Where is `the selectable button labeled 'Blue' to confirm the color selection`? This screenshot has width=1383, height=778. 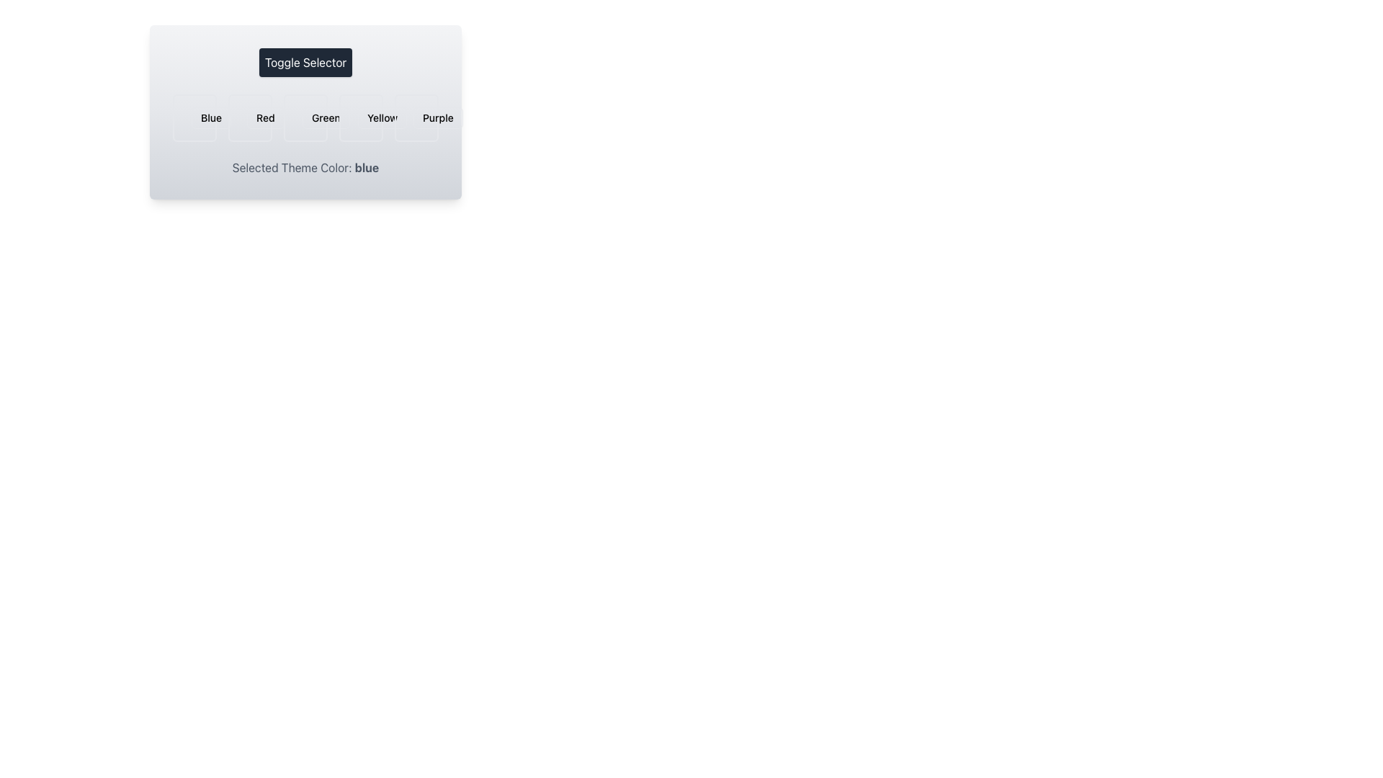 the selectable button labeled 'Blue' to confirm the color selection is located at coordinates (194, 117).